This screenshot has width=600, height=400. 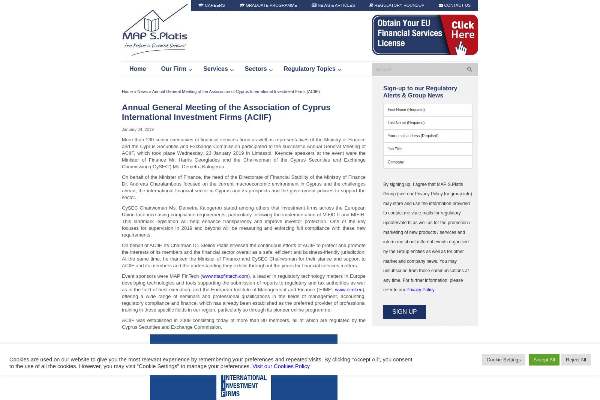 What do you see at coordinates (503, 359) in the screenshot?
I see `'Cookie Settings'` at bounding box center [503, 359].